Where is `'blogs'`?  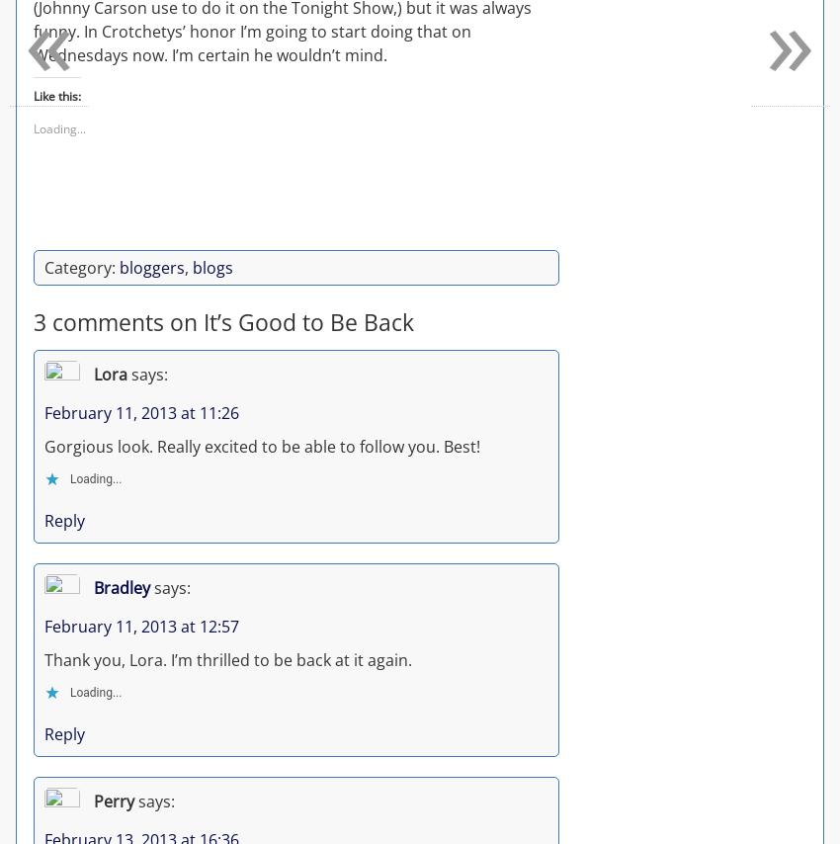 'blogs' is located at coordinates (212, 266).